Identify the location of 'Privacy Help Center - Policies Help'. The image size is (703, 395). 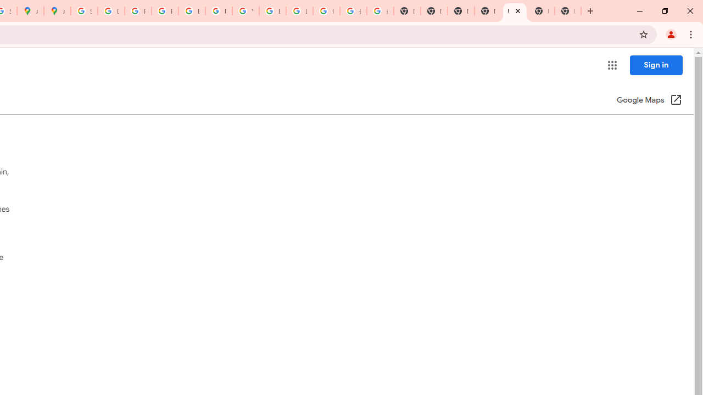
(164, 11).